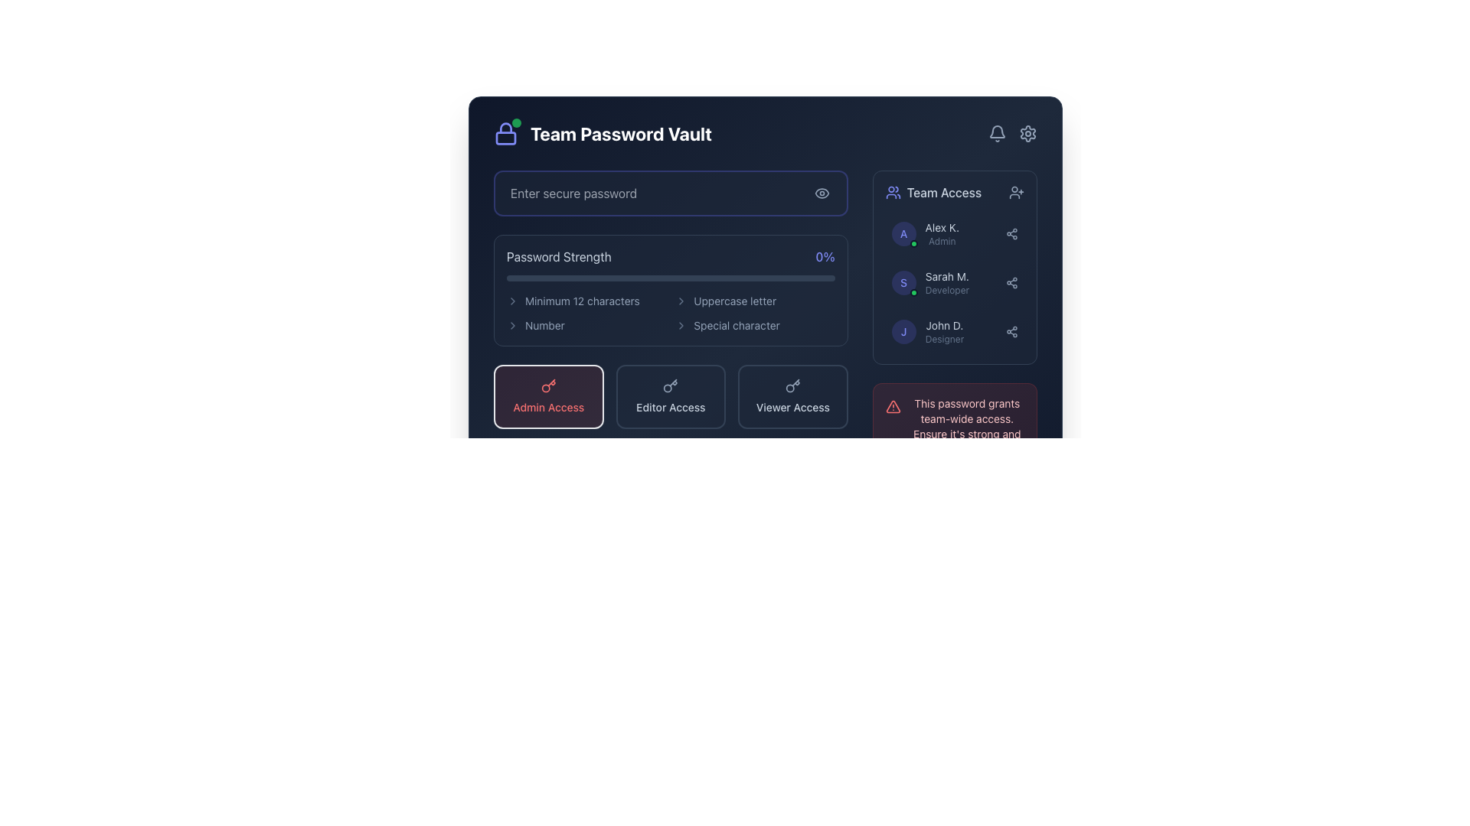  I want to click on the circular avatar icon with a dark background and indigo hue that encloses the letter 'J', located to the left of the text 'John D.Designer', so click(903, 331).